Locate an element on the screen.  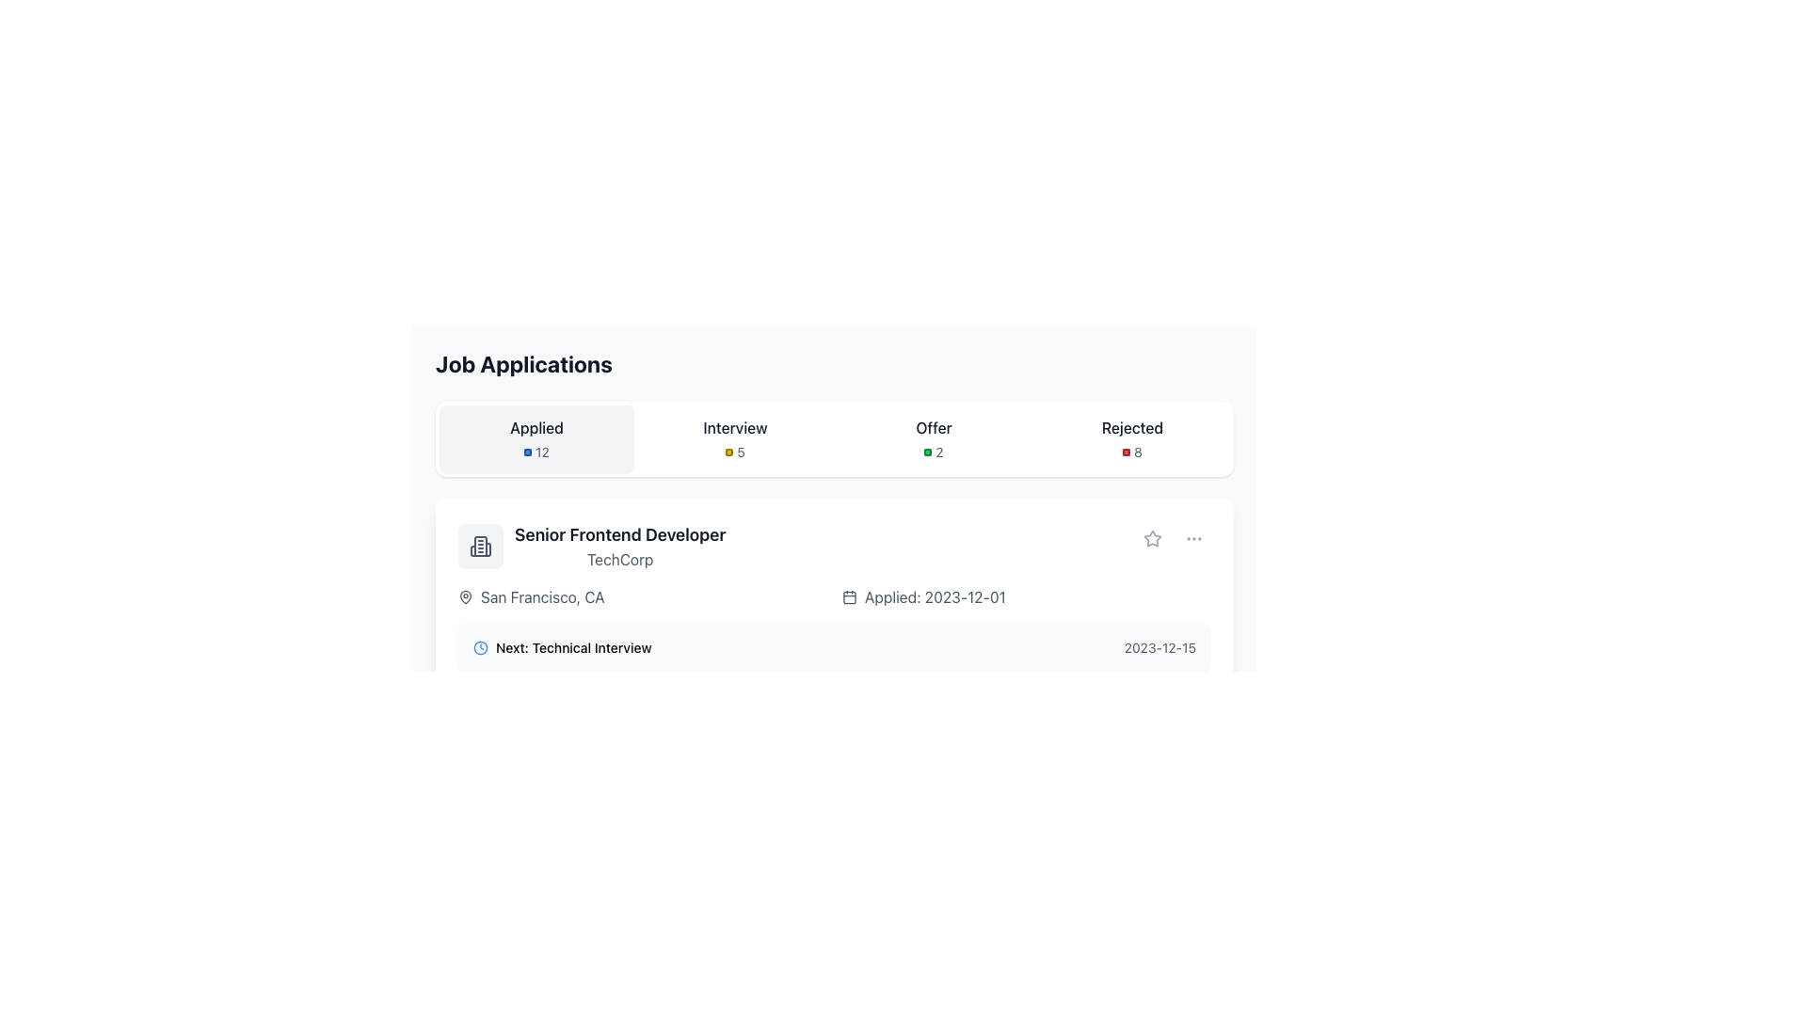
the third text label or numerical display in the job application interface, which represents a status or count, positioned after a green circular icon is located at coordinates (939, 452).